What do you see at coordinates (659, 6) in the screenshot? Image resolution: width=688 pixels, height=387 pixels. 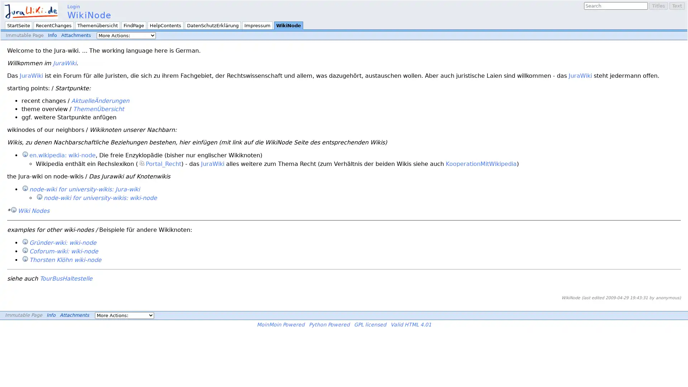 I see `Titles` at bounding box center [659, 6].